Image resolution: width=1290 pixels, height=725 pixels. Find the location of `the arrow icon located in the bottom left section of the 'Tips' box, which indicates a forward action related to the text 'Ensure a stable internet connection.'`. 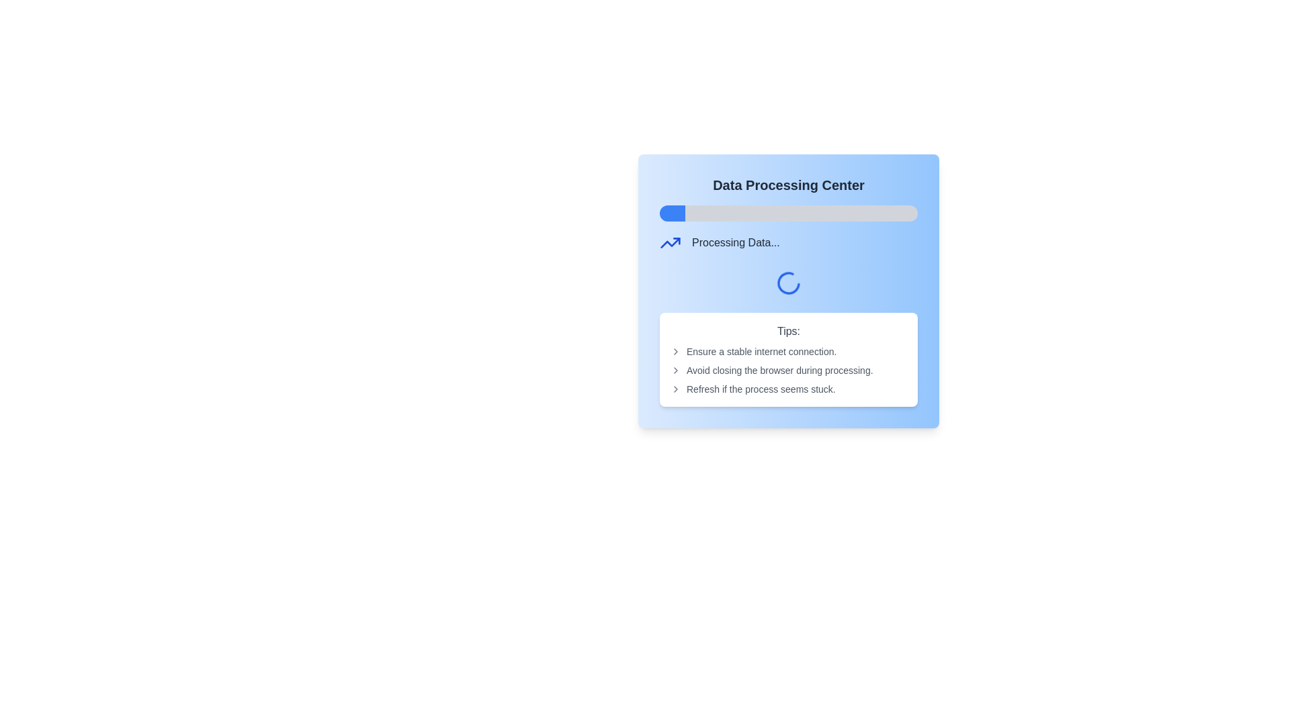

the arrow icon located in the bottom left section of the 'Tips' box, which indicates a forward action related to the text 'Ensure a stable internet connection.' is located at coordinates (676, 351).